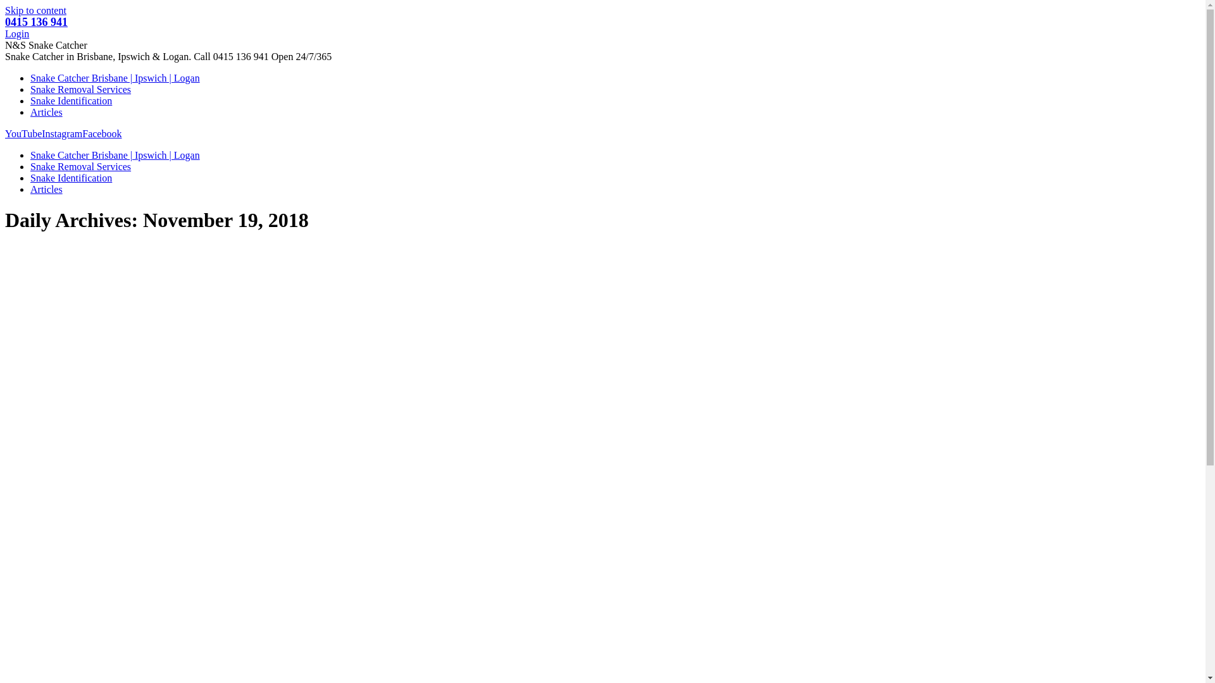 Image resolution: width=1215 pixels, height=683 pixels. I want to click on 'Skip to content', so click(35, 10).